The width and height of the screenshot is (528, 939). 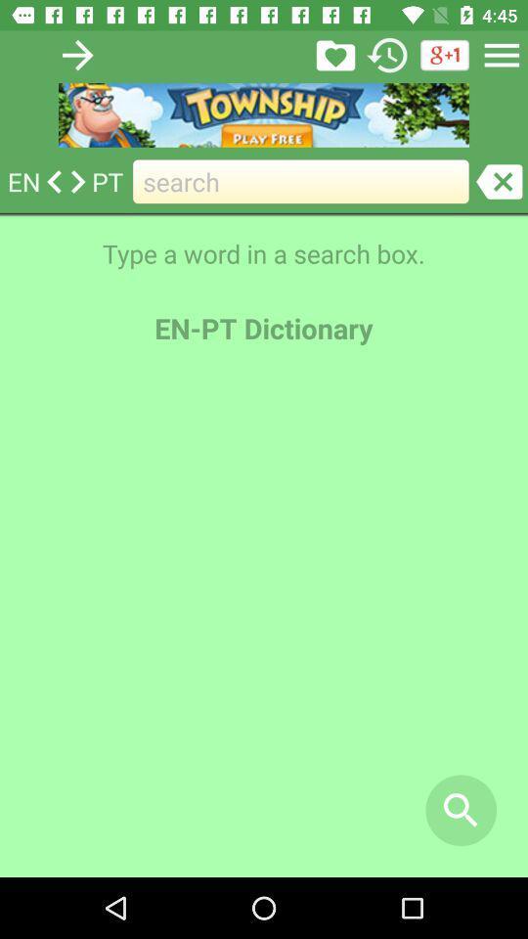 What do you see at coordinates (264, 114) in the screenshot?
I see `advertisement banner` at bounding box center [264, 114].